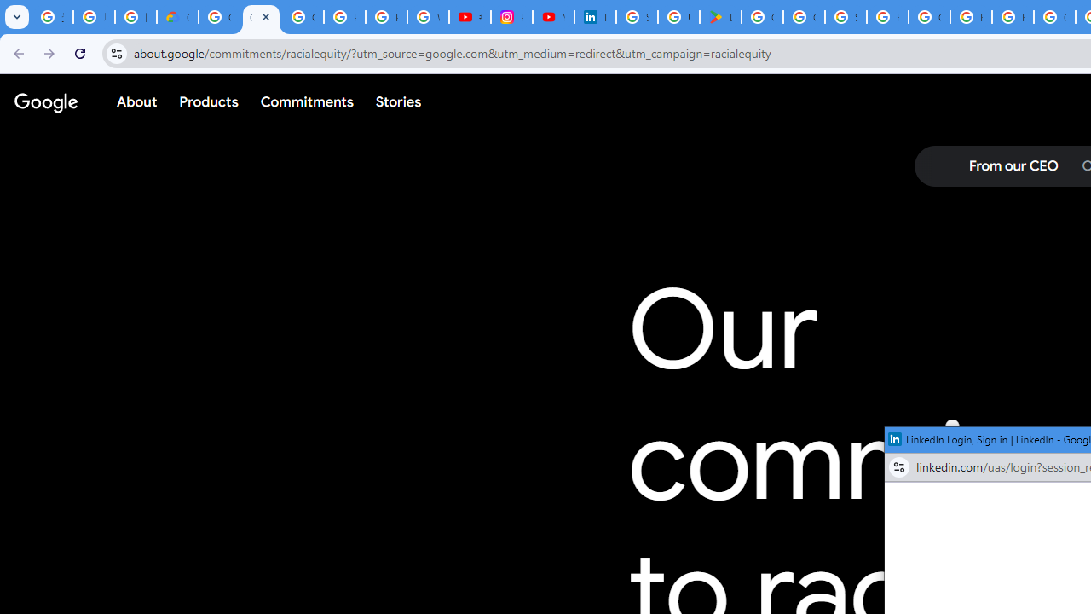 The width and height of the screenshot is (1091, 614). What do you see at coordinates (971, 17) in the screenshot?
I see `'How do I create a new Google Account? - Google Account Help'` at bounding box center [971, 17].